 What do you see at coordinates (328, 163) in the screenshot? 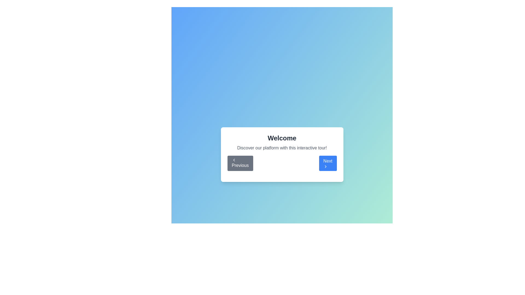
I see `the navigation button located within the centered modal dialog on the right side of the two-button group to proceed to the next step` at bounding box center [328, 163].